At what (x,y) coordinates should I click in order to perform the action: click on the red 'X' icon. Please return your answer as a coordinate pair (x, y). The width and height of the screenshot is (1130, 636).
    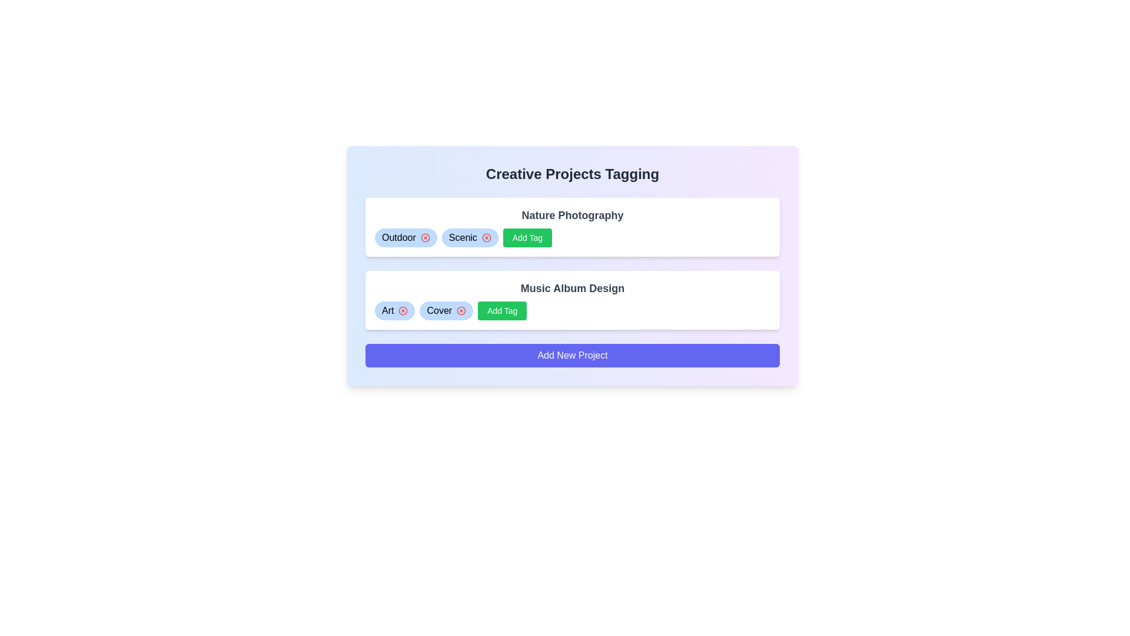
    Looking at the image, I should click on (446, 310).